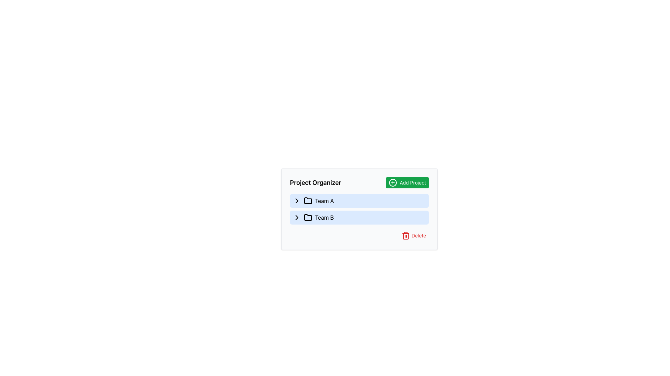 The width and height of the screenshot is (670, 376). What do you see at coordinates (407, 182) in the screenshot?
I see `the green rectangular button labeled 'Add Project' with a '+' icon` at bounding box center [407, 182].